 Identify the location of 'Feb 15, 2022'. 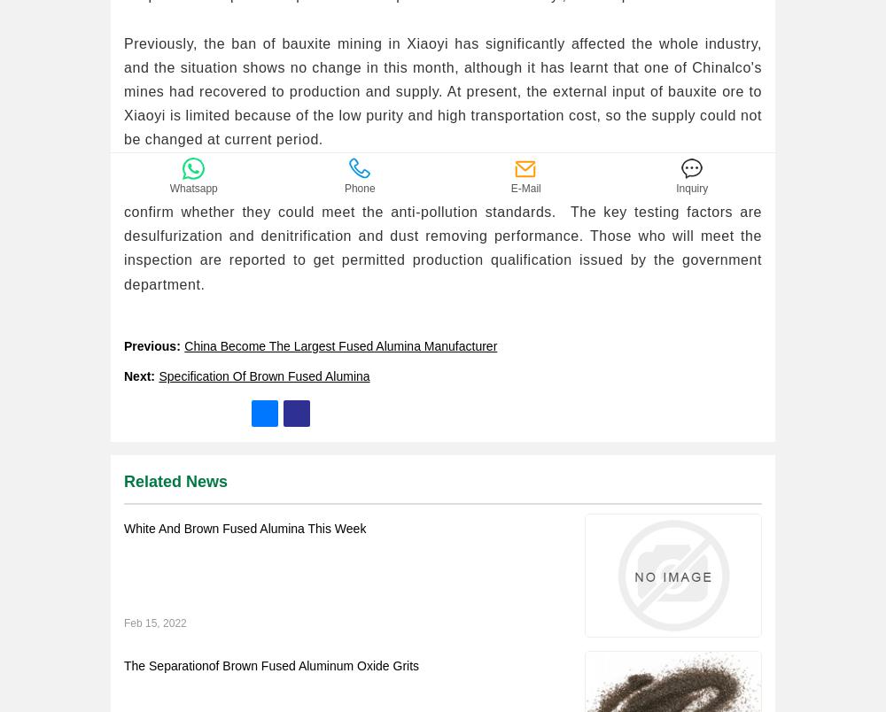
(155, 622).